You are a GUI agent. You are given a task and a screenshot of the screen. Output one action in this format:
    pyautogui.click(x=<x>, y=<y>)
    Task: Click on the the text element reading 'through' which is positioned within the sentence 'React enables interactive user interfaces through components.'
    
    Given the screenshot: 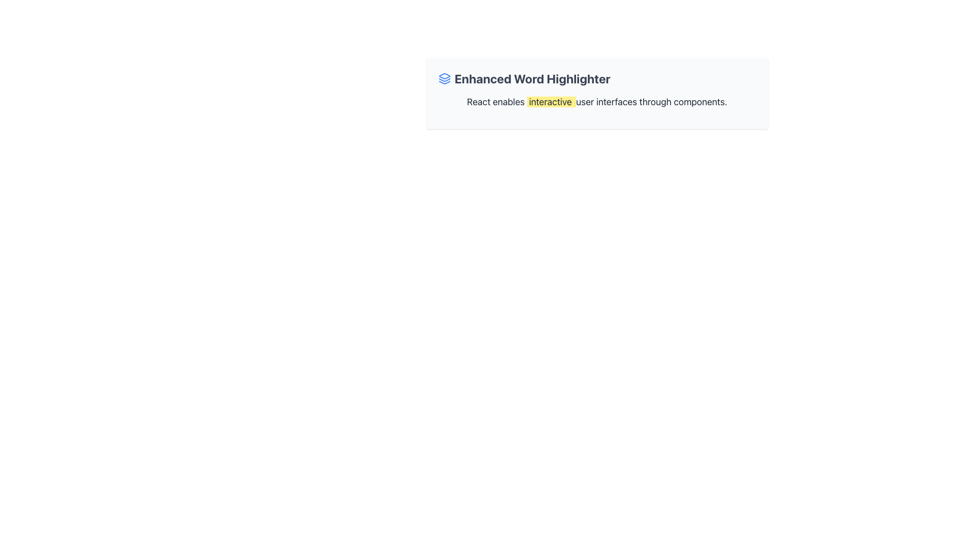 What is the action you would take?
    pyautogui.click(x=656, y=102)
    